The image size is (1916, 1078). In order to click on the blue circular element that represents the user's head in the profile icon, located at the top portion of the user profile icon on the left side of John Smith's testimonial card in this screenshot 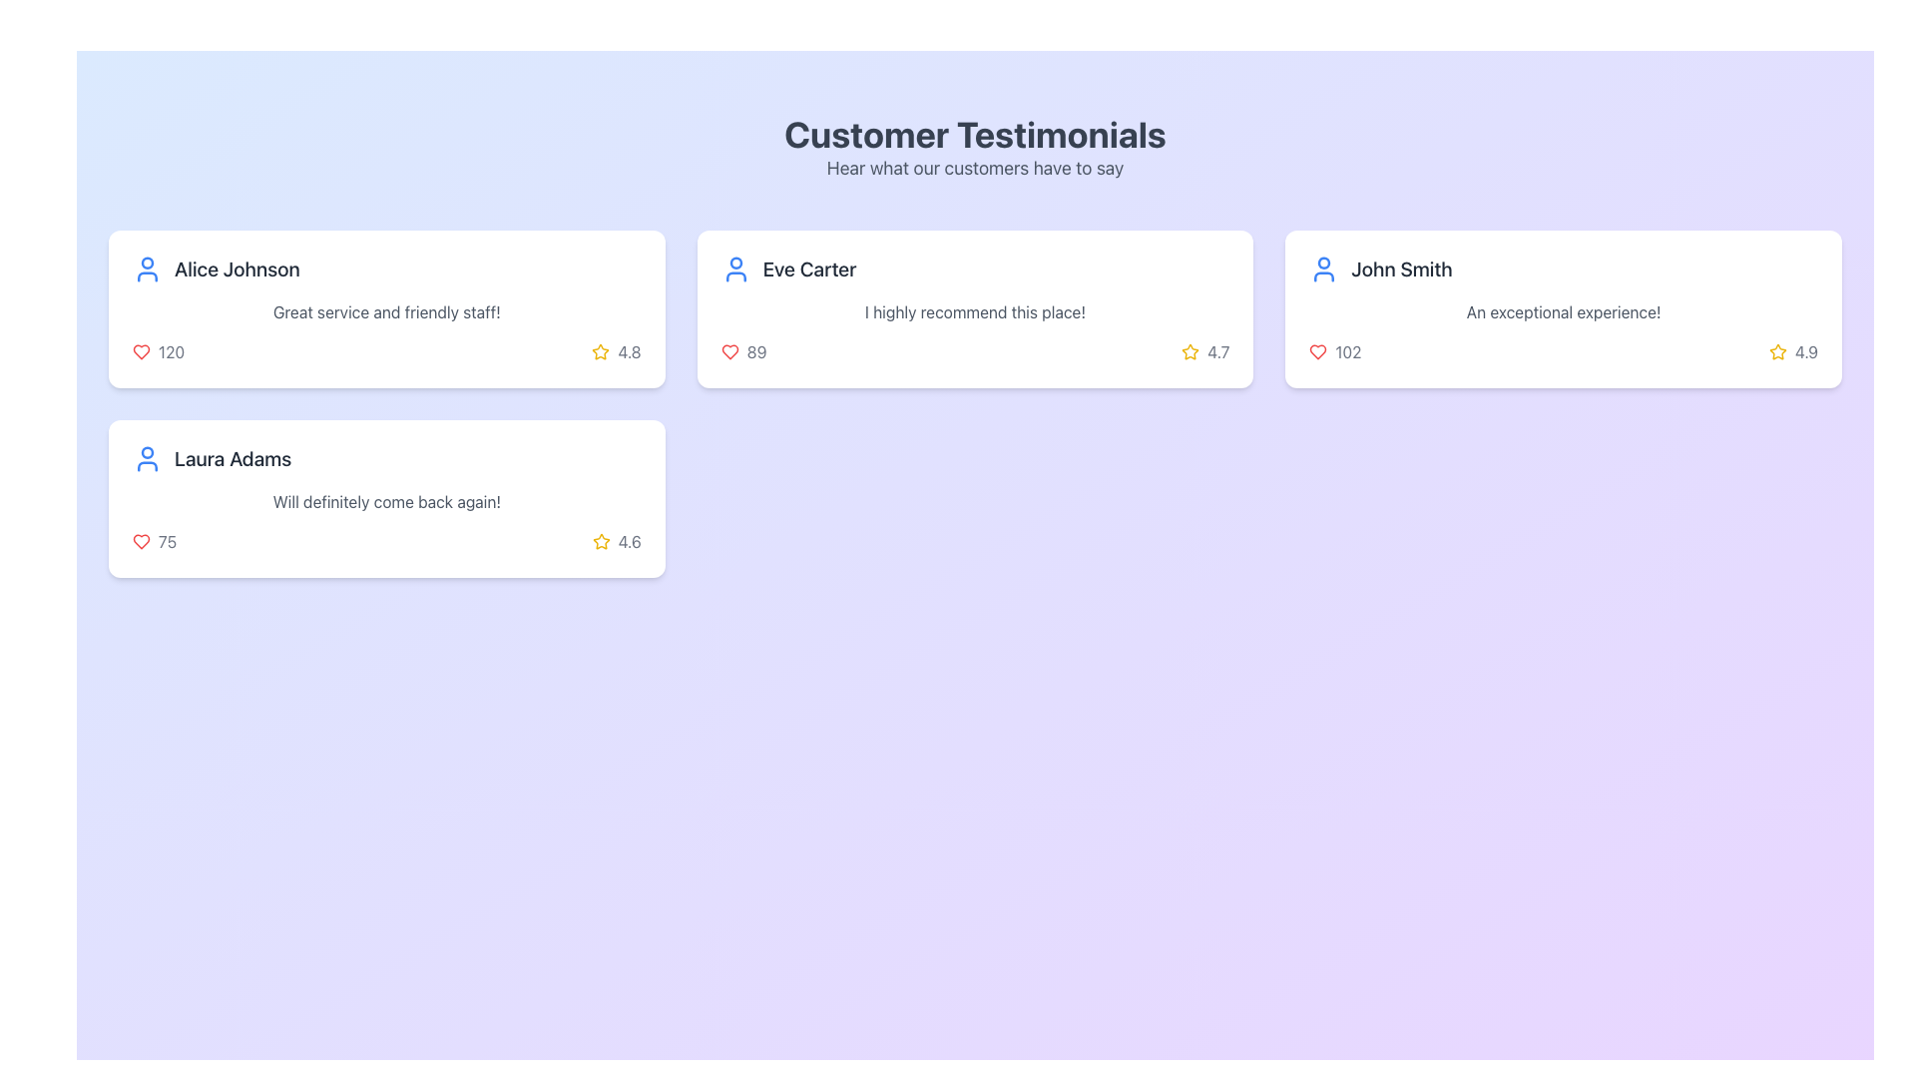, I will do `click(1324, 262)`.